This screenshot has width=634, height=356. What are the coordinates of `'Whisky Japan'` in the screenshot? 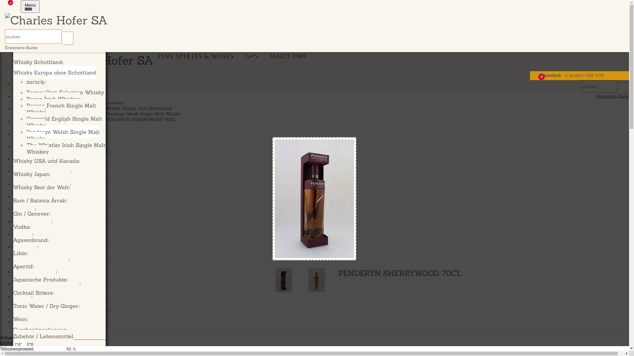 It's located at (36, 159).